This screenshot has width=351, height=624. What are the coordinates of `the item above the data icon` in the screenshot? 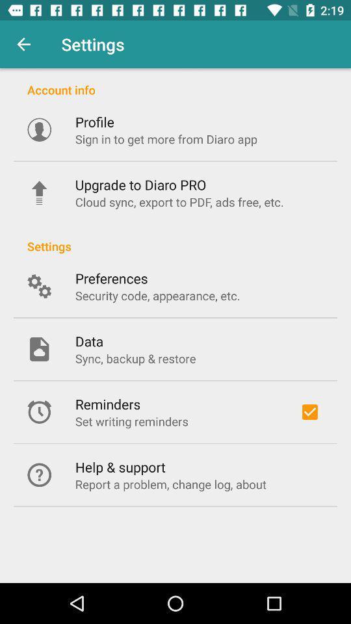 It's located at (157, 295).